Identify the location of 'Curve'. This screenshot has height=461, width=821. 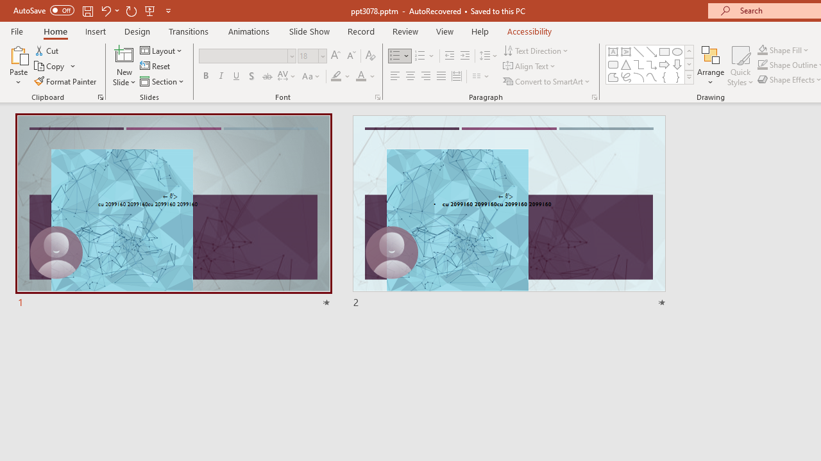
(652, 77).